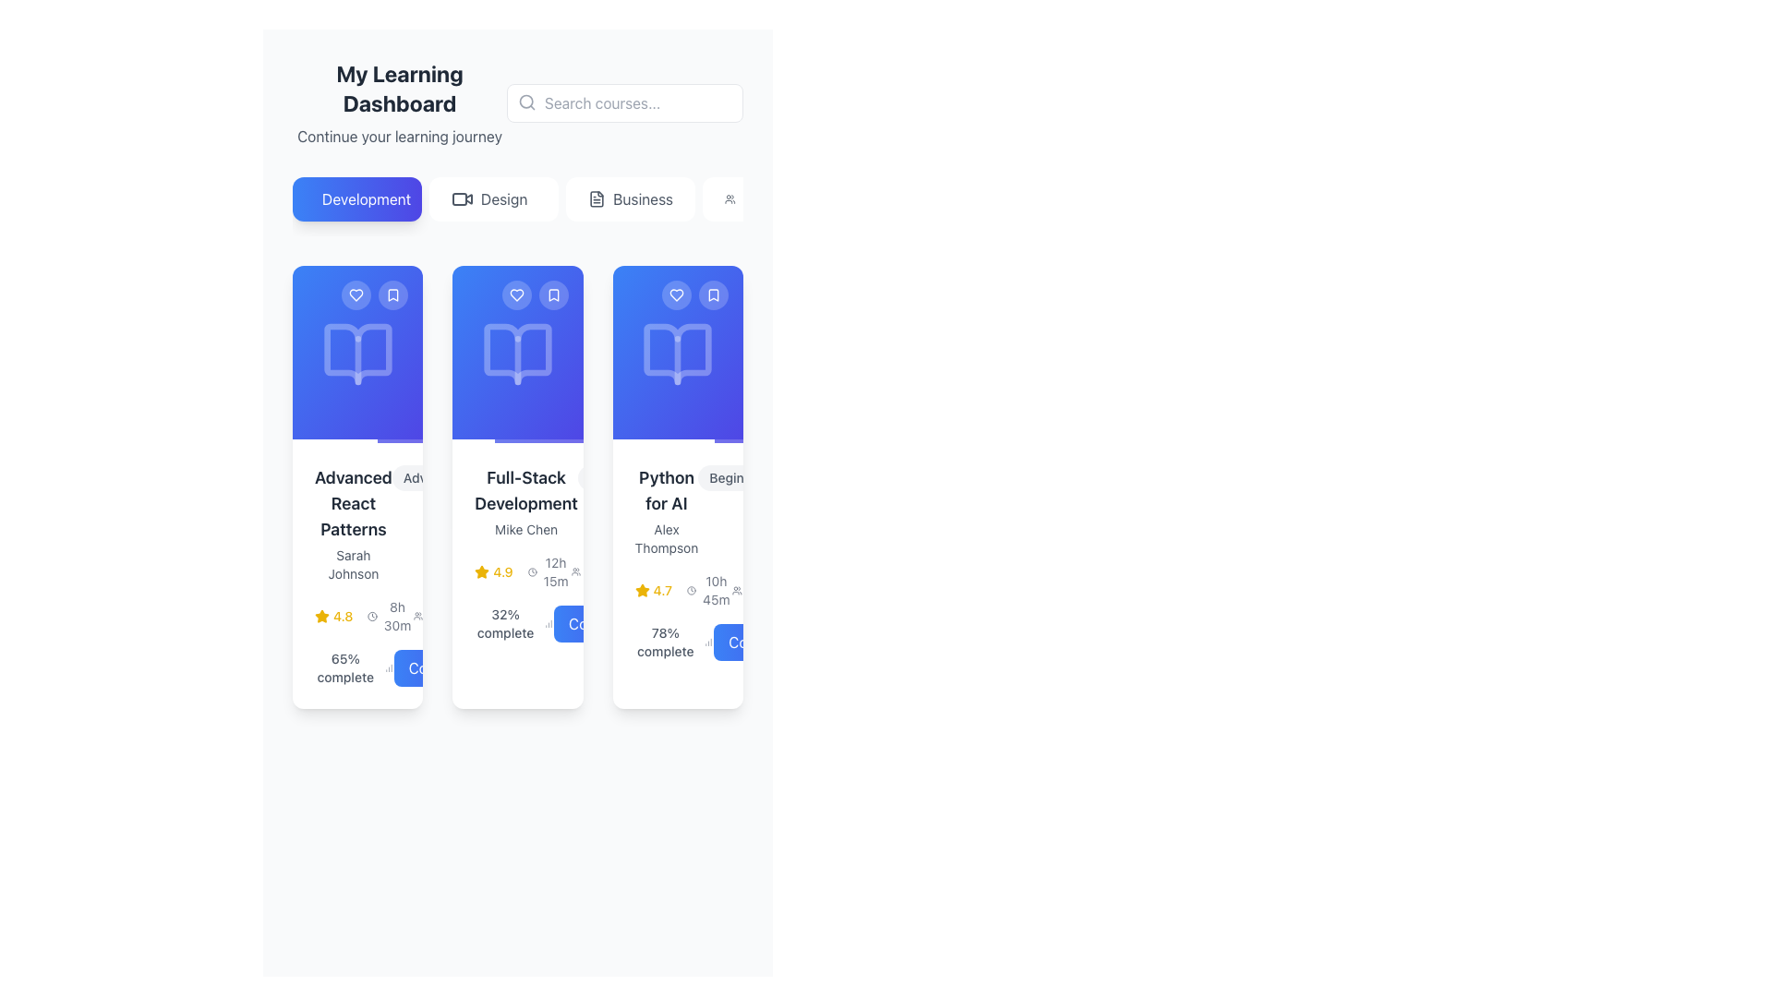  I want to click on the small icon resembling a group of people, which is located adjacent to the text '1876 students' on the left side of the interface, so click(736, 591).